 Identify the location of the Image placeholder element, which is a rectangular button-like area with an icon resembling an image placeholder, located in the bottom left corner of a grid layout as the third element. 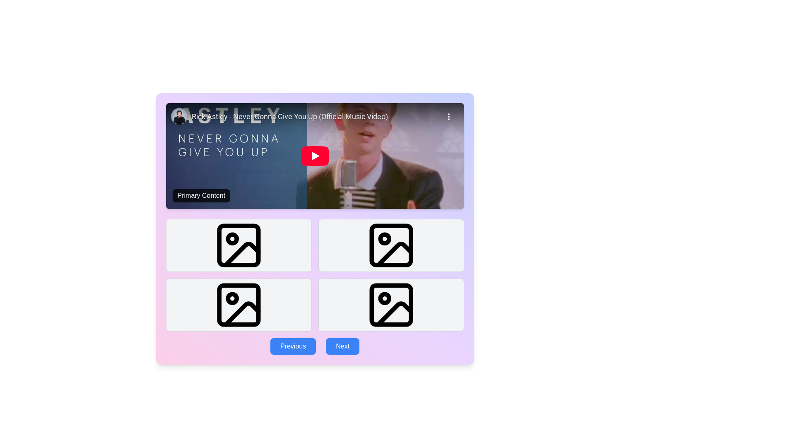
(238, 305).